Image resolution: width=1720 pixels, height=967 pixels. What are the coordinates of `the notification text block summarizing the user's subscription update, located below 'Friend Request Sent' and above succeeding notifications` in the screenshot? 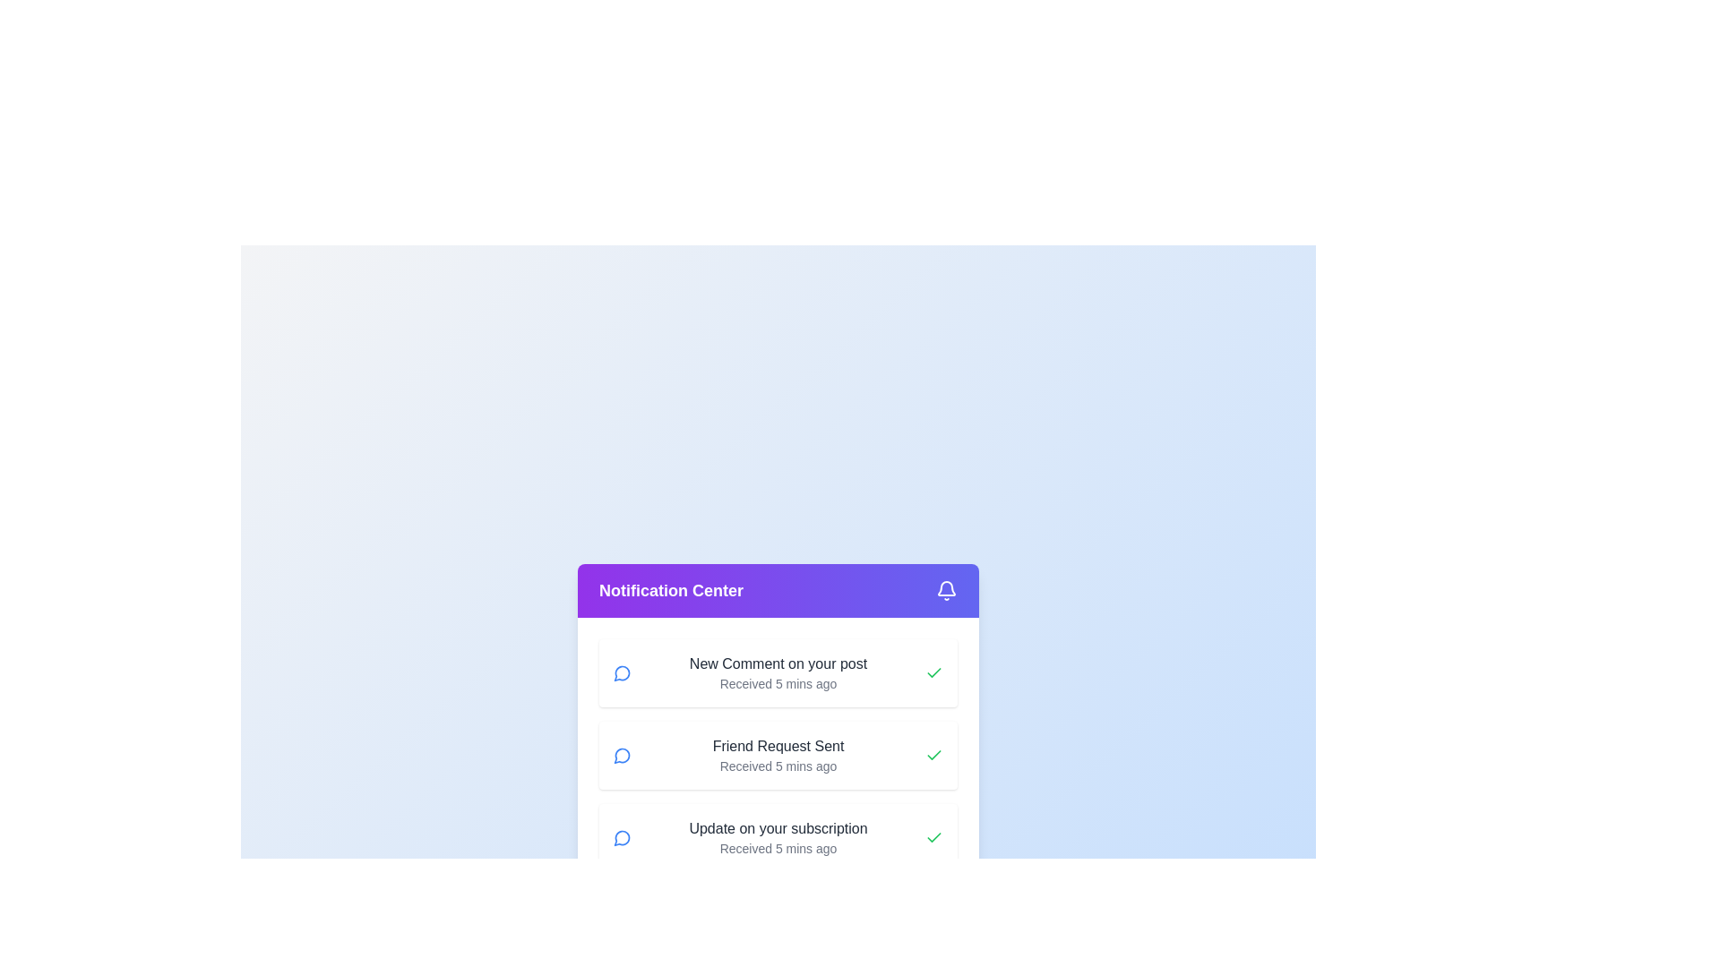 It's located at (778, 838).